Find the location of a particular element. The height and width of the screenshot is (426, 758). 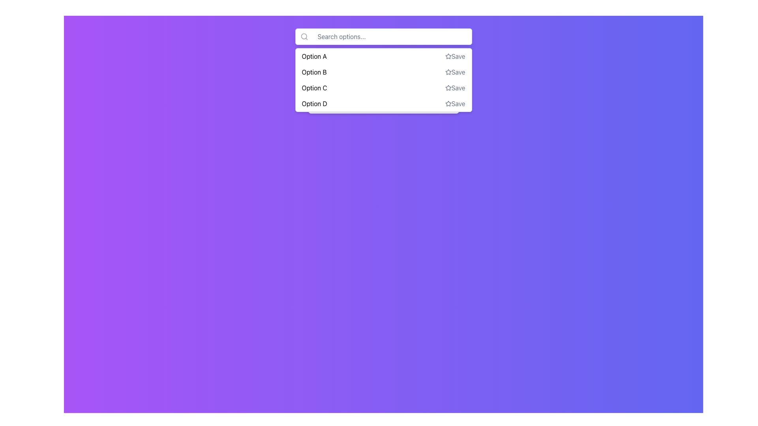

the star icon with a hollow center, which is part of the interactive 'Save' link group next to the fourth list item labeled 'Option D' is located at coordinates (448, 103).